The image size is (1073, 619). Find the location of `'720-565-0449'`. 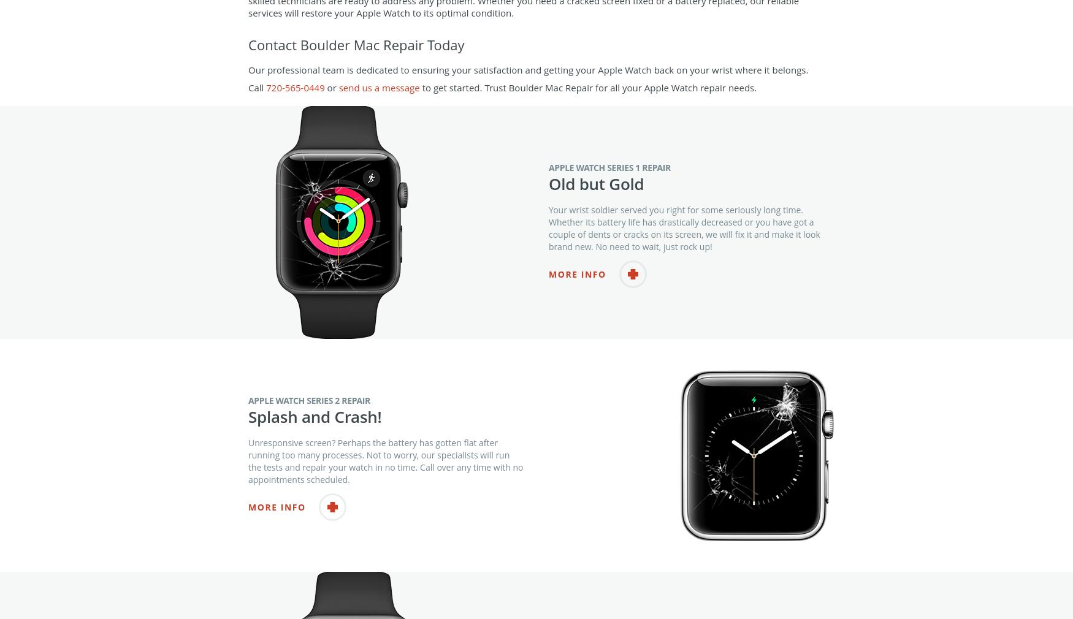

'720-565-0449' is located at coordinates (295, 111).